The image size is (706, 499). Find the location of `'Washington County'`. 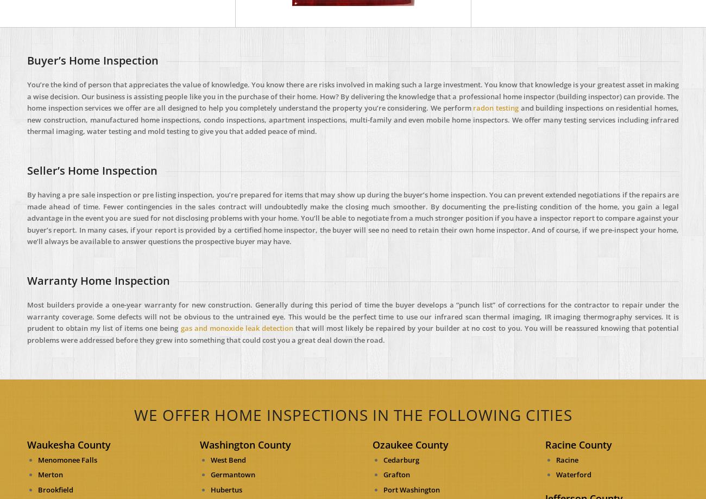

'Washington County' is located at coordinates (245, 443).